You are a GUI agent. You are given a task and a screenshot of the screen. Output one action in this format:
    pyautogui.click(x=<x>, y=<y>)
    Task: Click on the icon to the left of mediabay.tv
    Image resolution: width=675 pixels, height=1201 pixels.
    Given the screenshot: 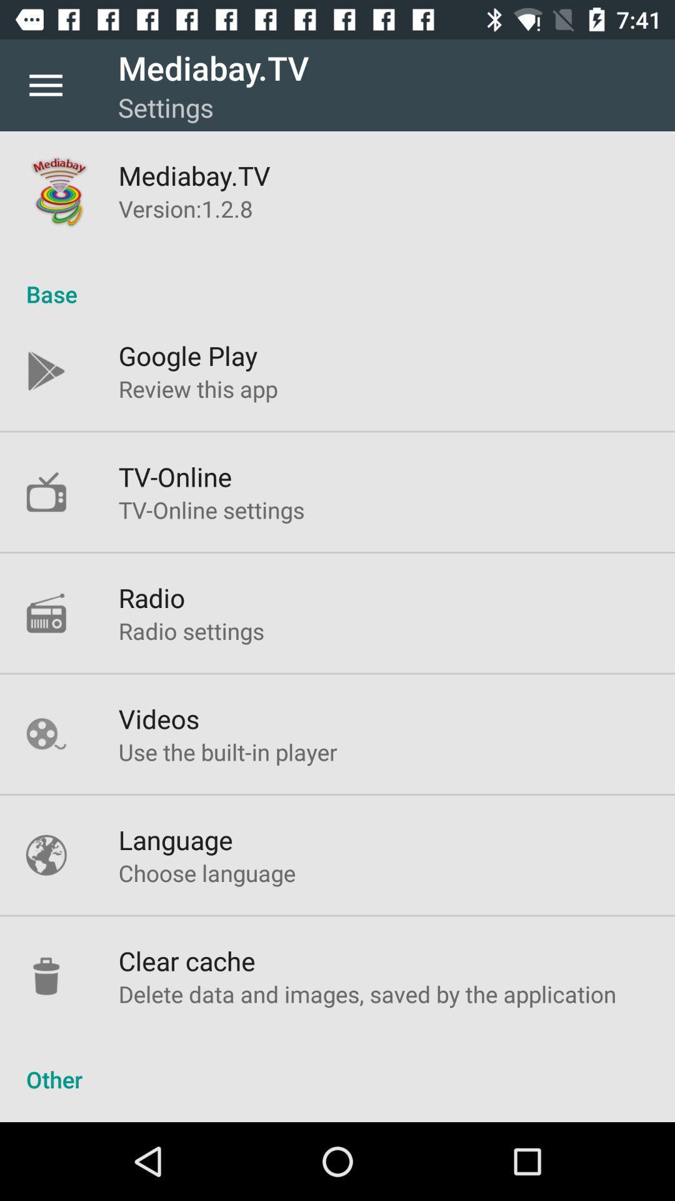 What is the action you would take?
    pyautogui.click(x=45, y=84)
    